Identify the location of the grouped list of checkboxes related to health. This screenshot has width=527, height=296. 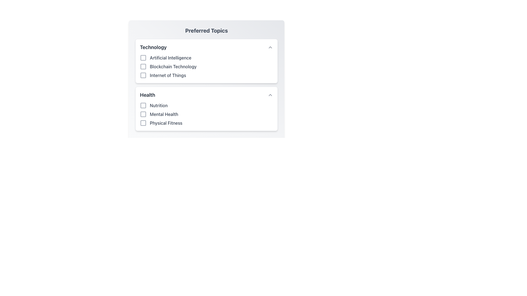
(206, 114).